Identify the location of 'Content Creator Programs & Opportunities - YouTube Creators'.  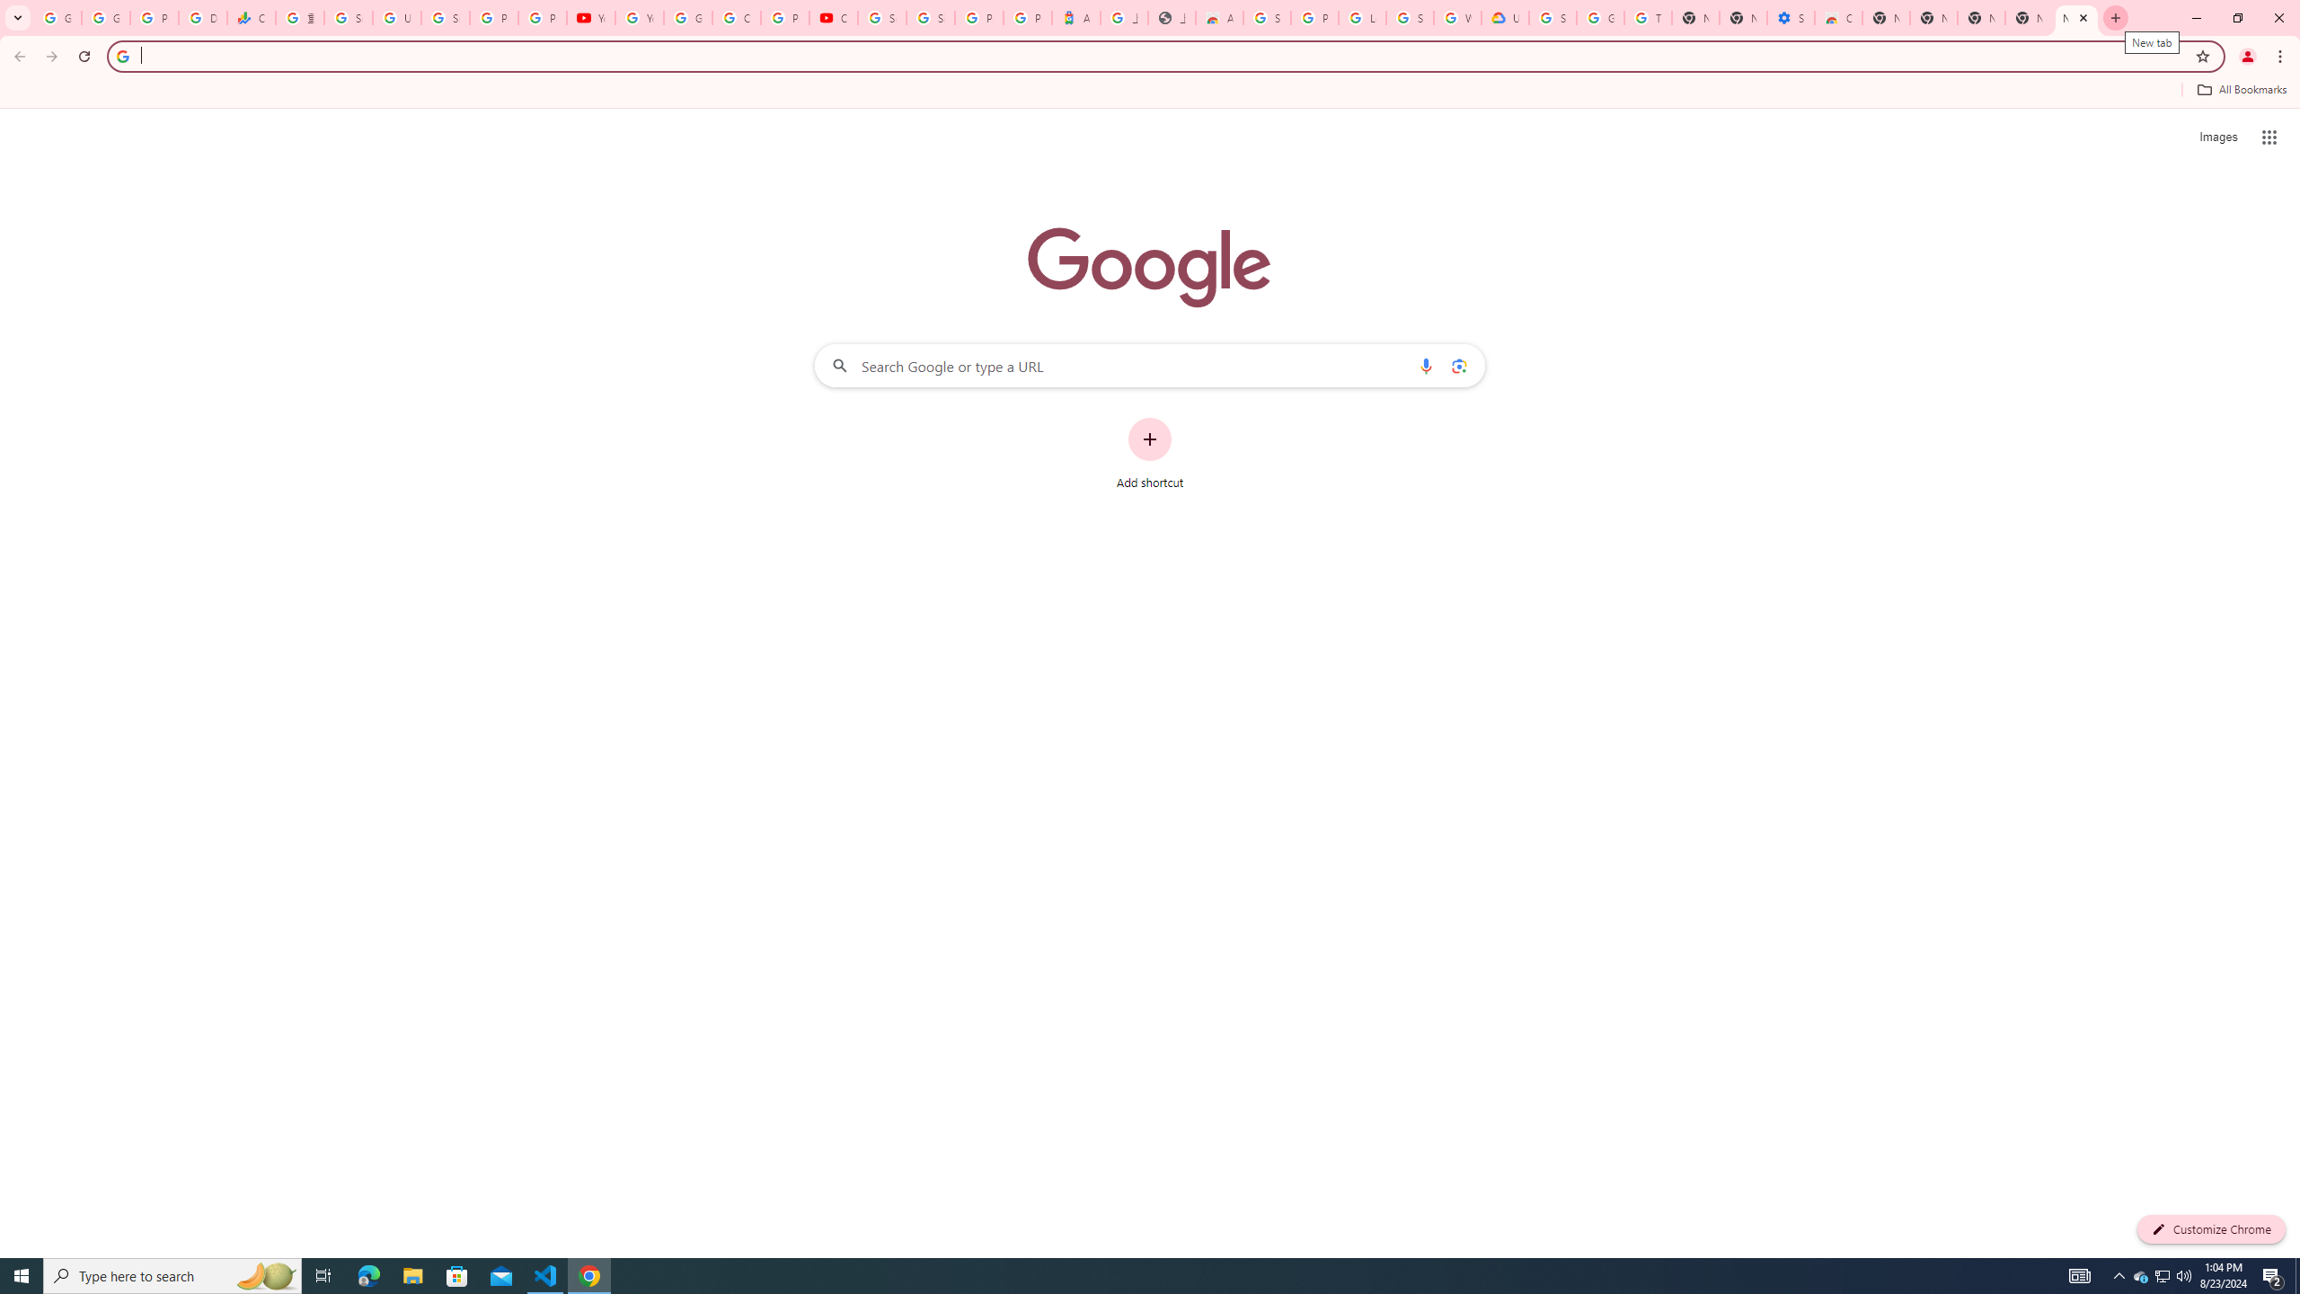
(834, 17).